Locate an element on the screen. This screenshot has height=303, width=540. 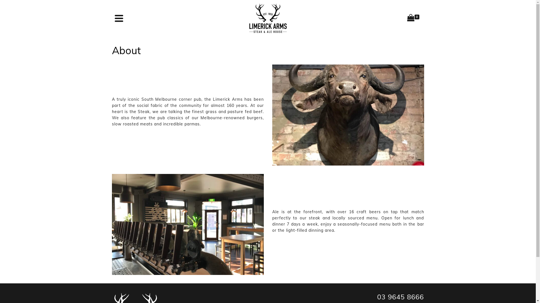
'0' is located at coordinates (414, 18).